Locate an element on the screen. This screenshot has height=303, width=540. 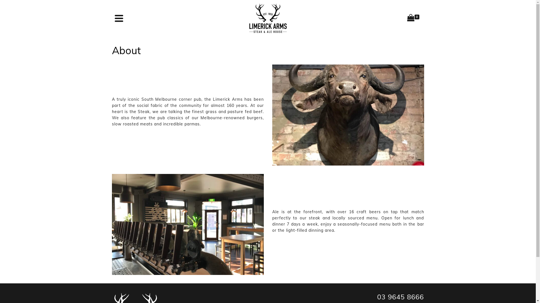
'0' is located at coordinates (414, 18).